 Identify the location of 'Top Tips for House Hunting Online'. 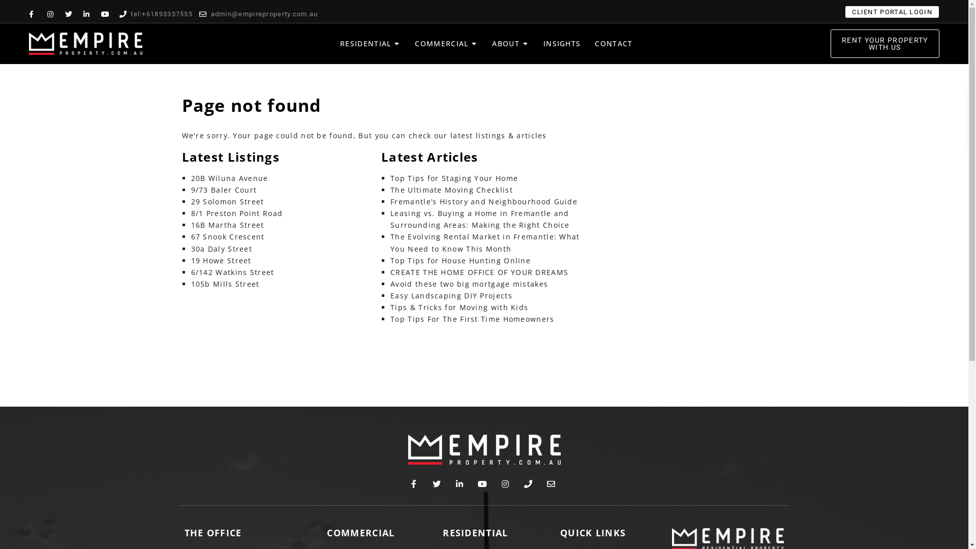
(460, 260).